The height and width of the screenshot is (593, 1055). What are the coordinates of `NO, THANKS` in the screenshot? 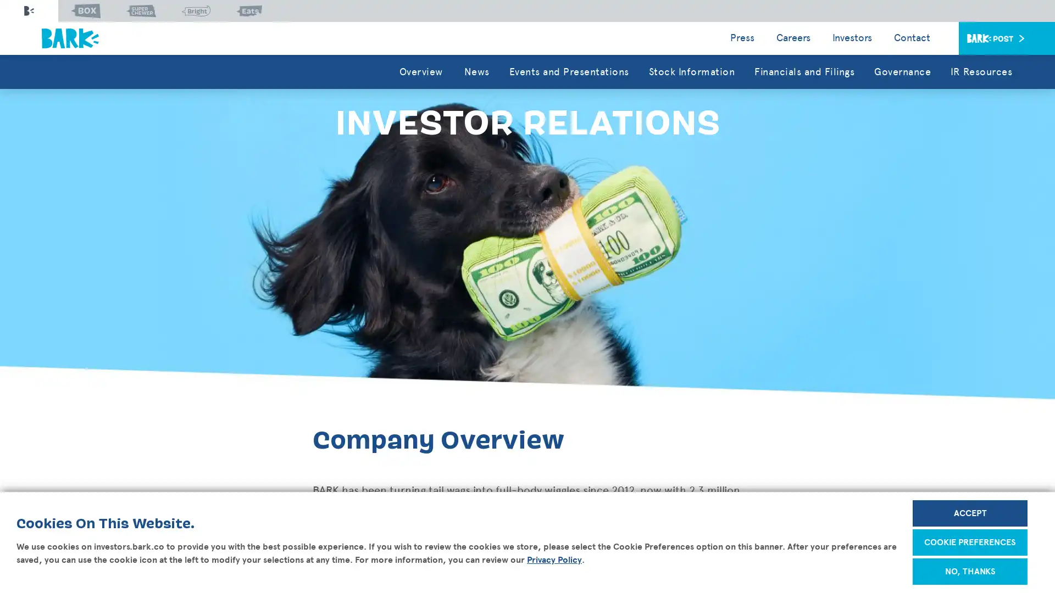 It's located at (970, 571).